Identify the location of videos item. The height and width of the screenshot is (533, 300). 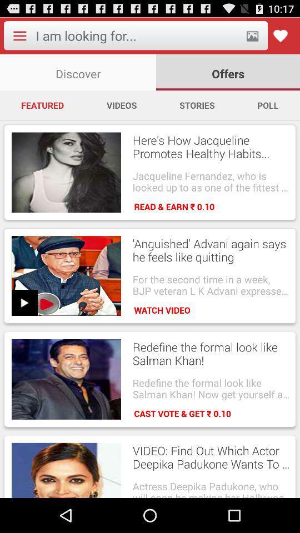
(121, 105).